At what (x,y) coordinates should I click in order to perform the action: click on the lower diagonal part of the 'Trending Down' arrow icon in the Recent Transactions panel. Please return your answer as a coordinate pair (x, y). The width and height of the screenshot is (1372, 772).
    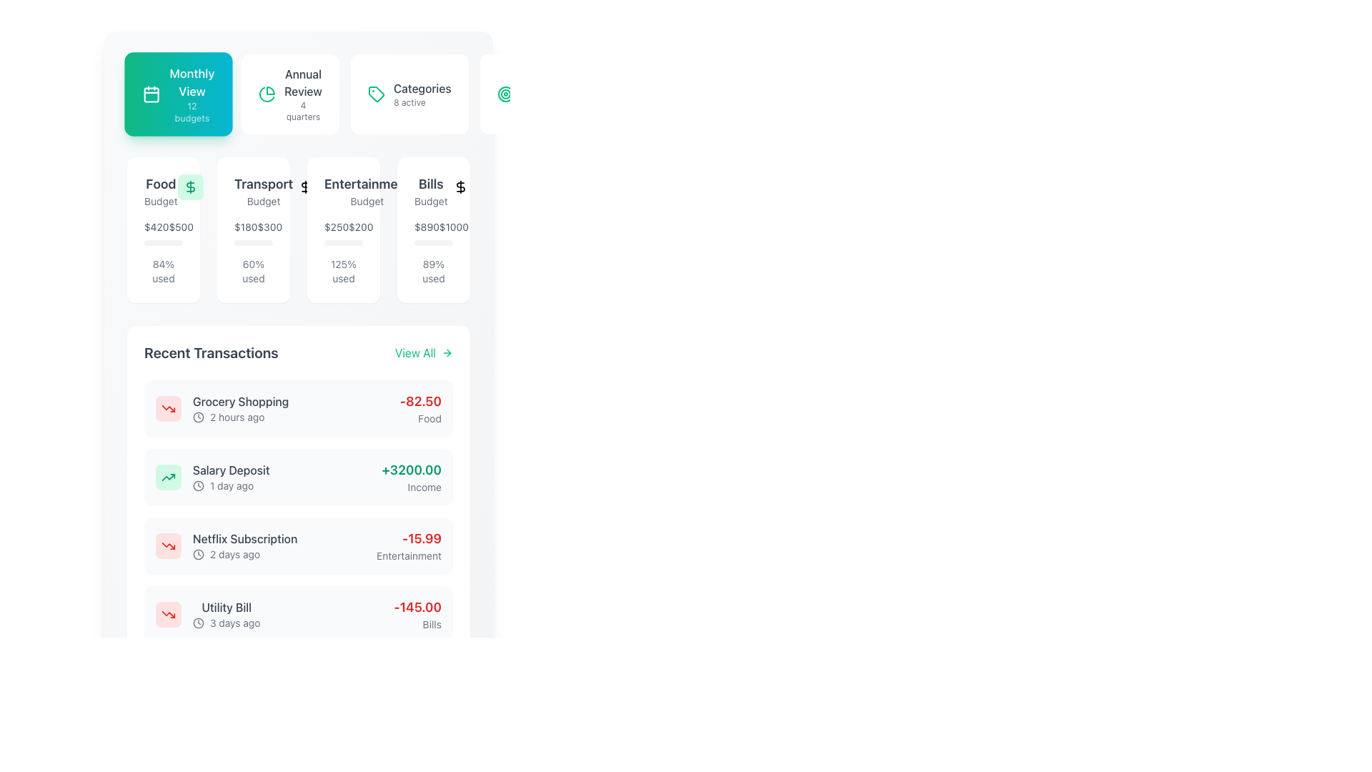
    Looking at the image, I should click on (168, 614).